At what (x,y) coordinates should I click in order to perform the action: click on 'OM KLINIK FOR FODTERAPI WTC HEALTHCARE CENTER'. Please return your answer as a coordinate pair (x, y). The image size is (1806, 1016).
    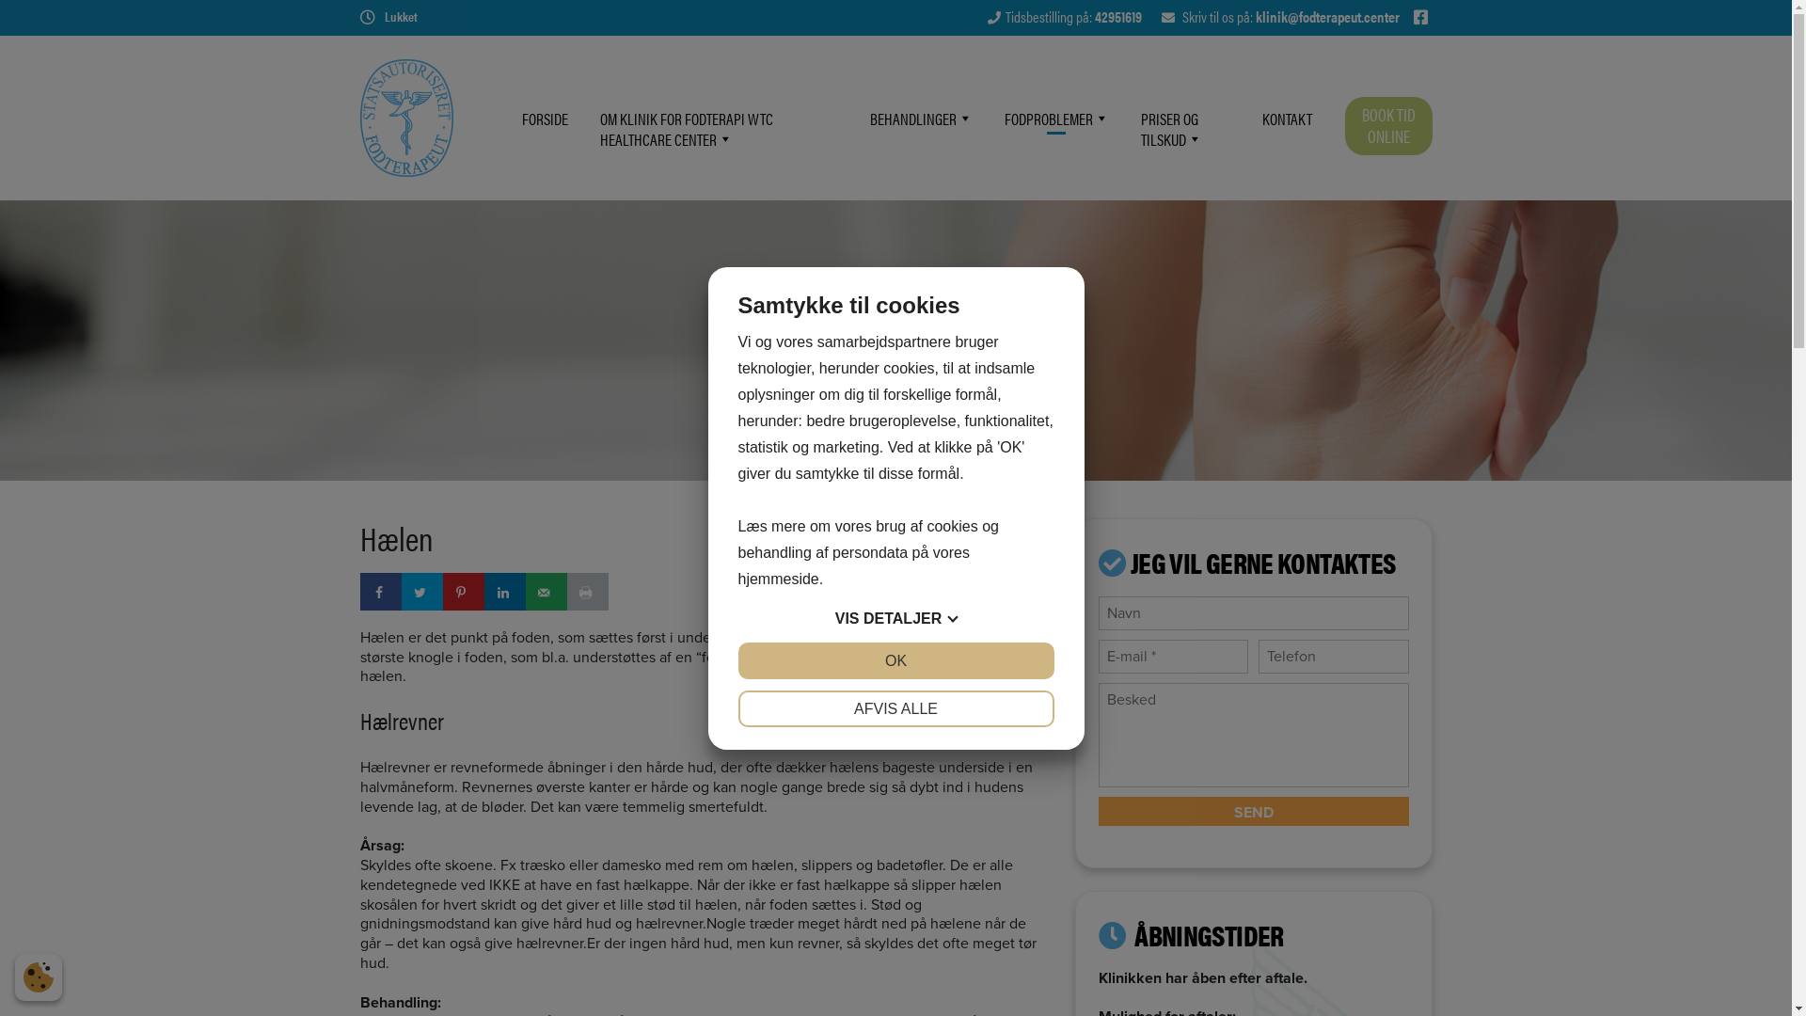
    Looking at the image, I should click on (717, 128).